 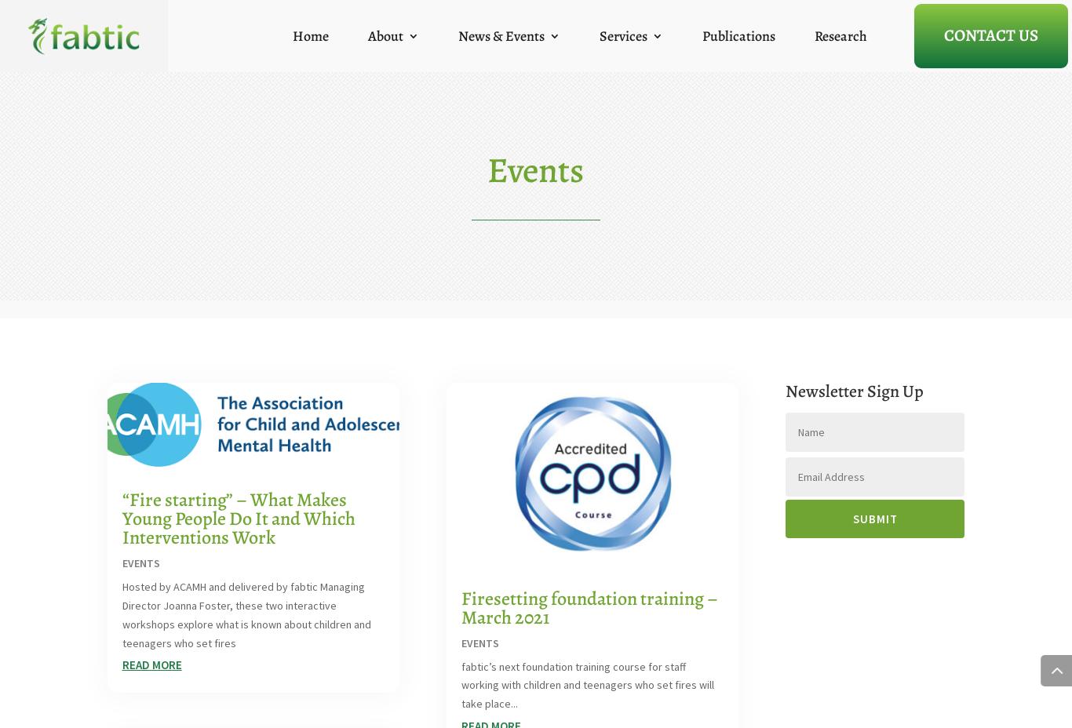 What do you see at coordinates (411, 135) in the screenshot?
I see `'Why Choose Us?'` at bounding box center [411, 135].